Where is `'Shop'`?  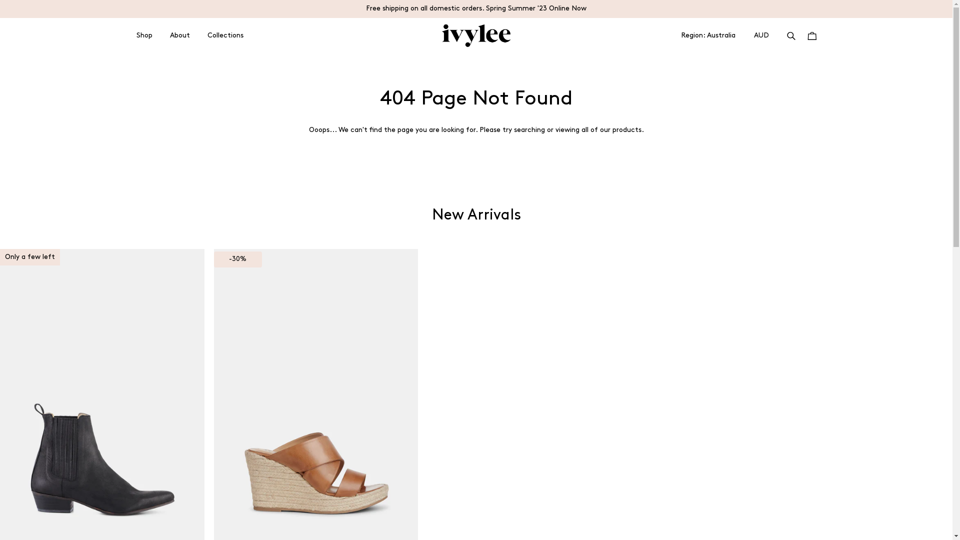 'Shop' is located at coordinates (143, 35).